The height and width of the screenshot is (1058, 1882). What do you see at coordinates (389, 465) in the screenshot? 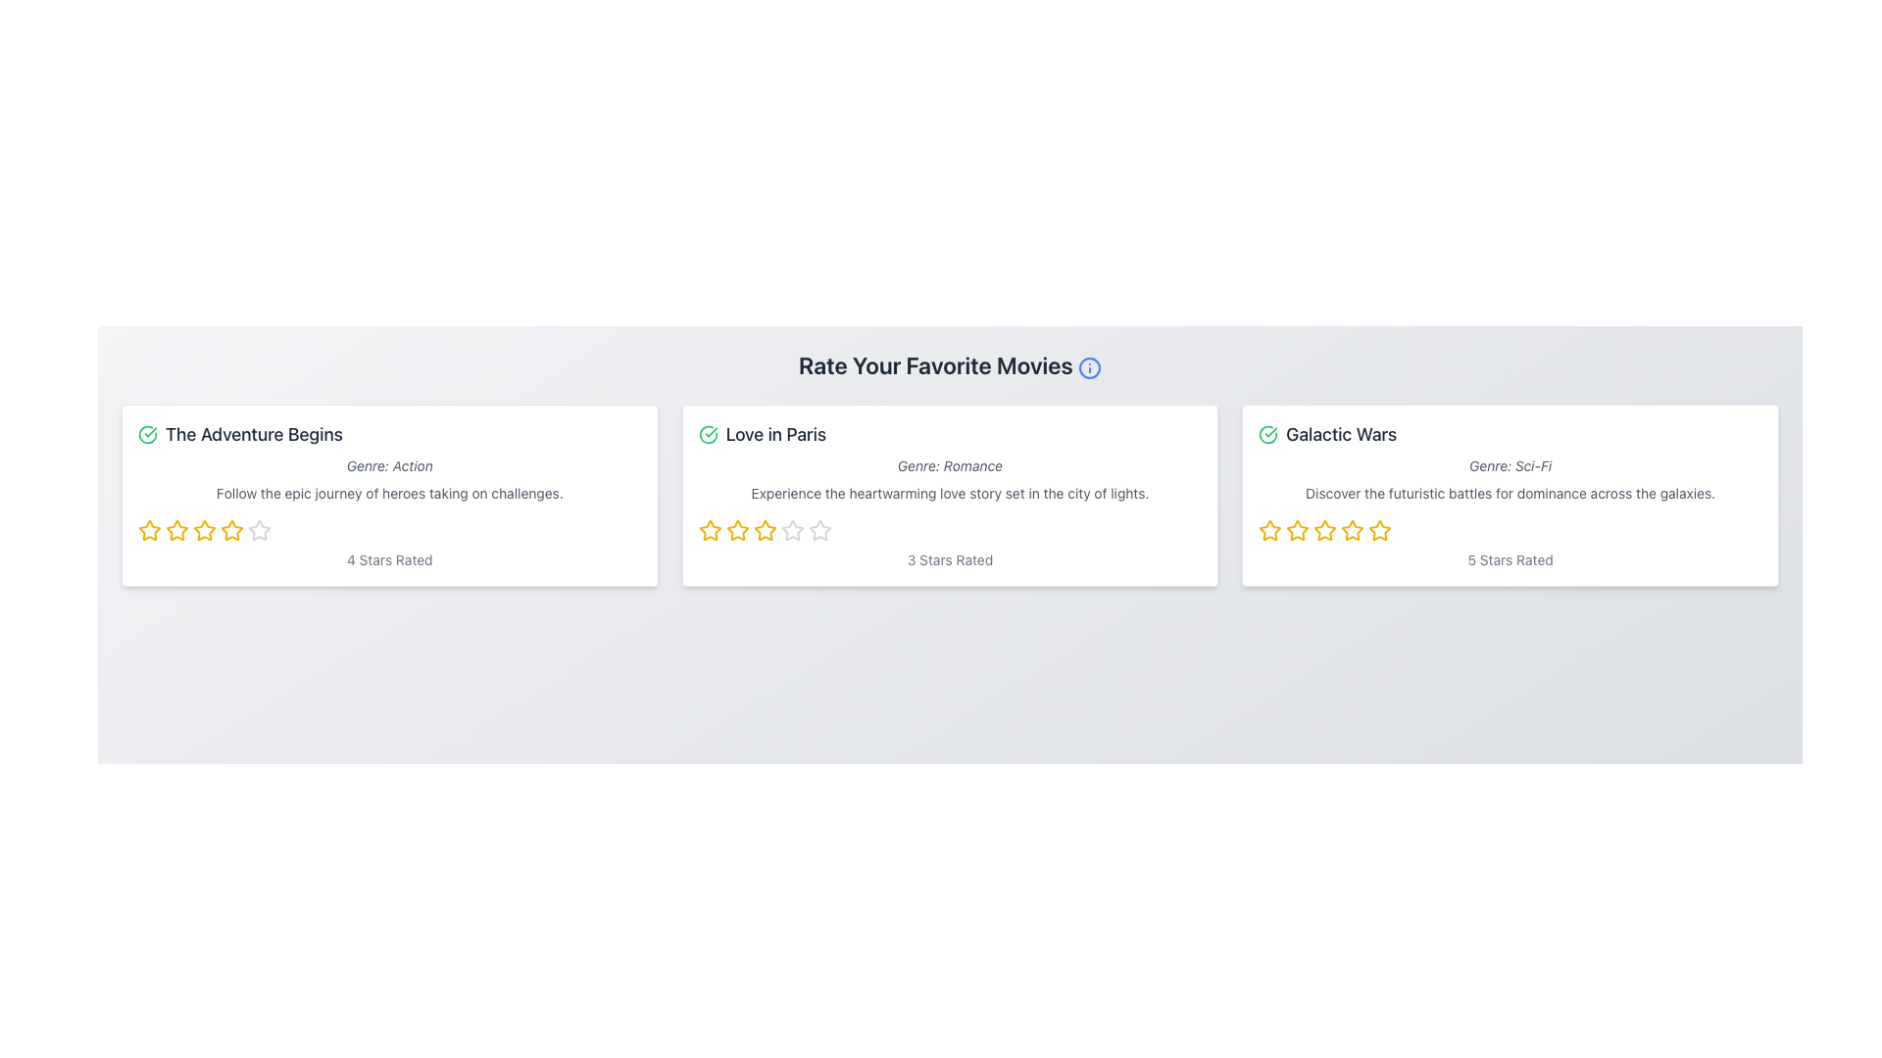
I see `text from the Text Label element displaying 'Genre: Action', which is styled in a small, italicized font and located below 'The Adventure Begins'` at bounding box center [389, 465].